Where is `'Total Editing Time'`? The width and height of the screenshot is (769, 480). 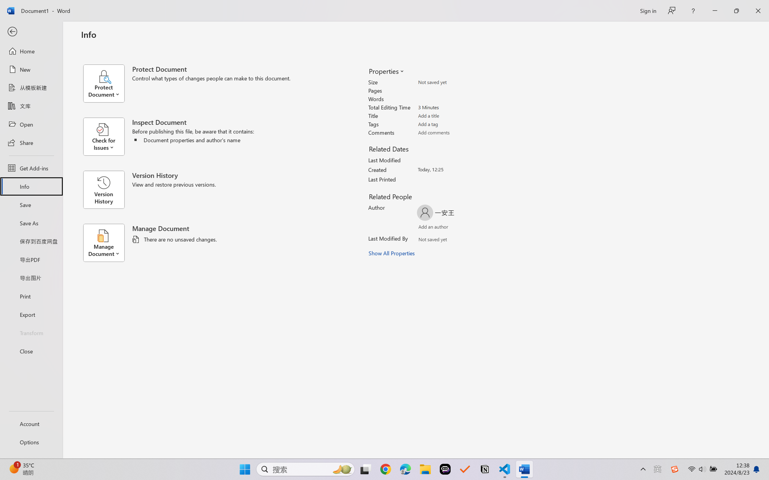 'Total Editing Time' is located at coordinates (453, 107).